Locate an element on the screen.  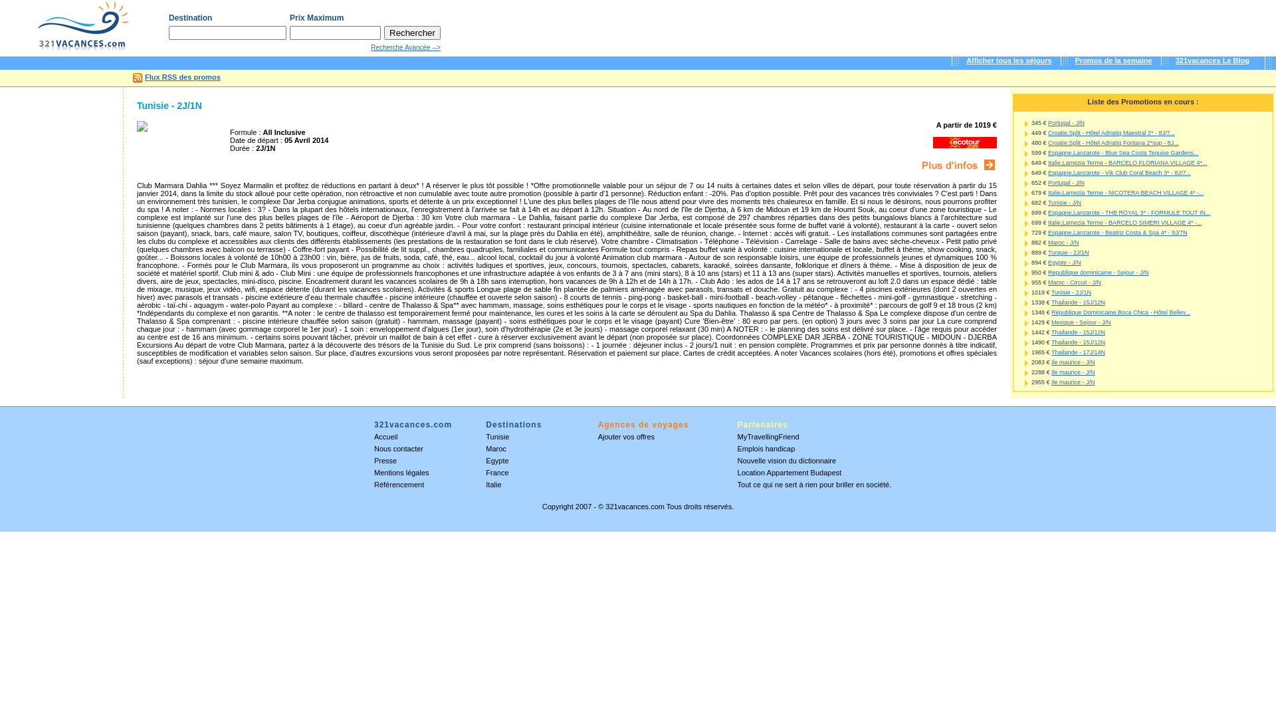
'Espagne,Lanzarote - Vik Club Coral Beach 3* - 8J/7...' is located at coordinates (1047, 172).